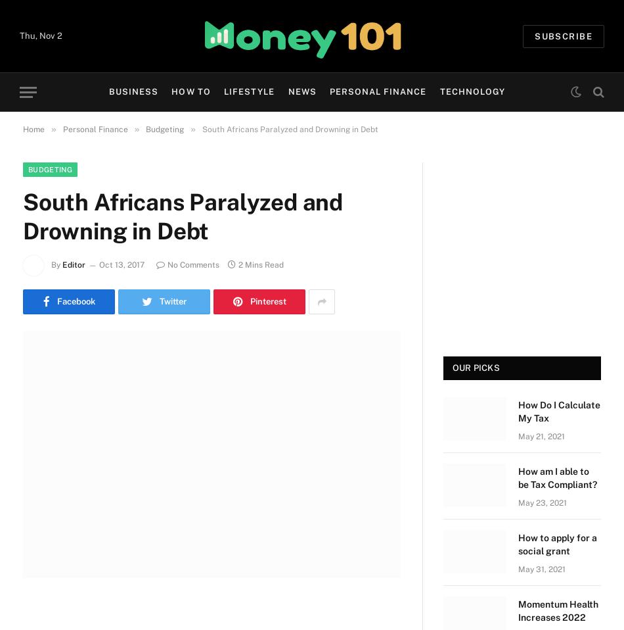 This screenshot has width=624, height=630. What do you see at coordinates (166, 265) in the screenshot?
I see `'No Comments'` at bounding box center [166, 265].